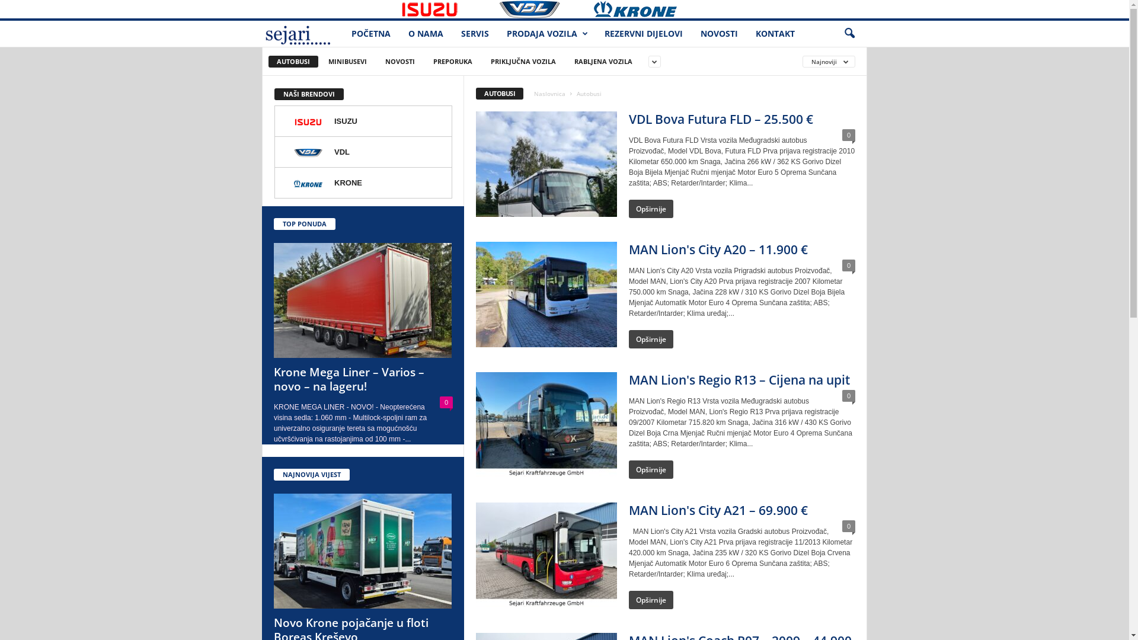 The image size is (1138, 640). What do you see at coordinates (347, 62) in the screenshot?
I see `'MINIBUSEVI'` at bounding box center [347, 62].